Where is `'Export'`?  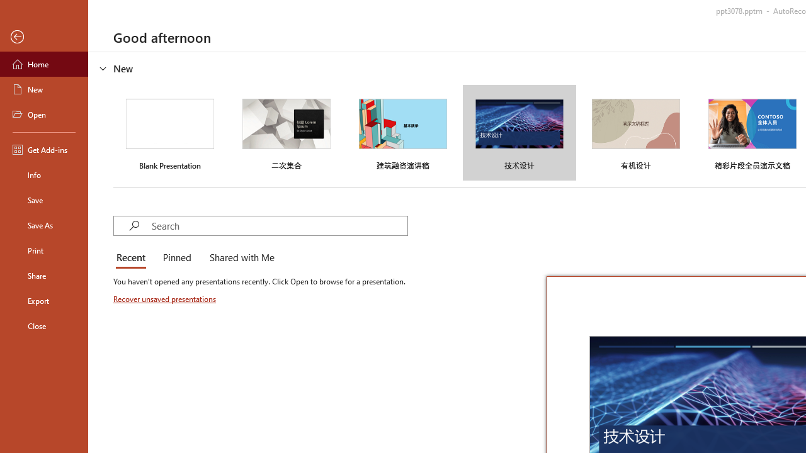
'Export' is located at coordinates (43, 301).